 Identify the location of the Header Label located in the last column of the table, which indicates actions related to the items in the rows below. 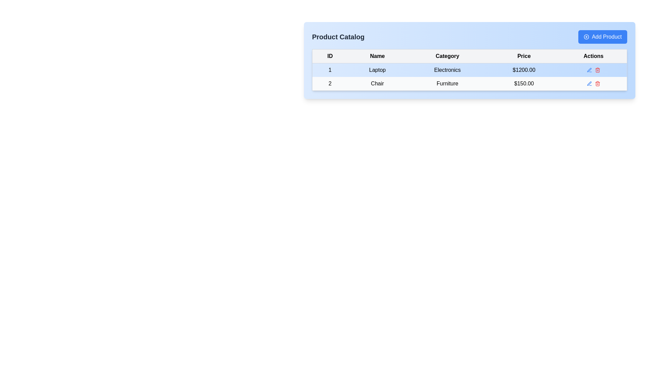
(593, 56).